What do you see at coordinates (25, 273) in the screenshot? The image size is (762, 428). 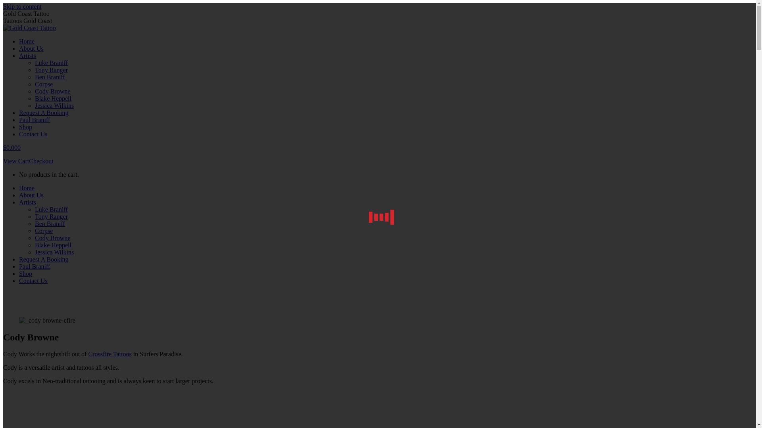 I see `'Shop'` at bounding box center [25, 273].